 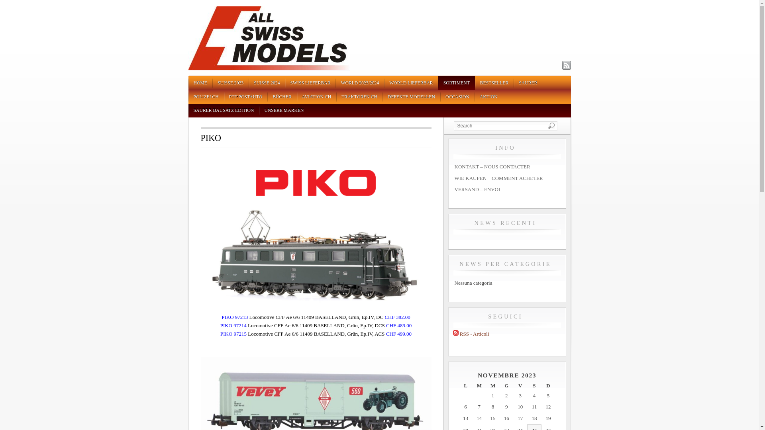 What do you see at coordinates (411, 96) in the screenshot?
I see `'DEFEKTE MODELLEN'` at bounding box center [411, 96].